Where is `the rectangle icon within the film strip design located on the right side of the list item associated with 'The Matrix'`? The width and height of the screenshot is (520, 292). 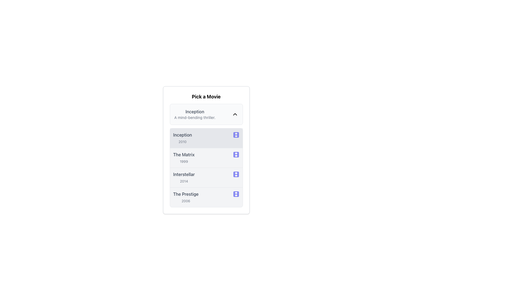 the rectangle icon within the film strip design located on the right side of the list item associated with 'The Matrix' is located at coordinates (236, 154).